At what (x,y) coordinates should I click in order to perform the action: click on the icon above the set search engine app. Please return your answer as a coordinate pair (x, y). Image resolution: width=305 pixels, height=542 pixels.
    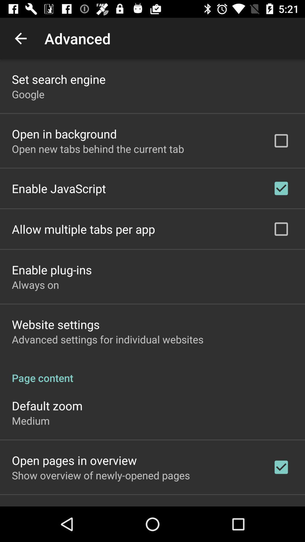
    Looking at the image, I should click on (20, 38).